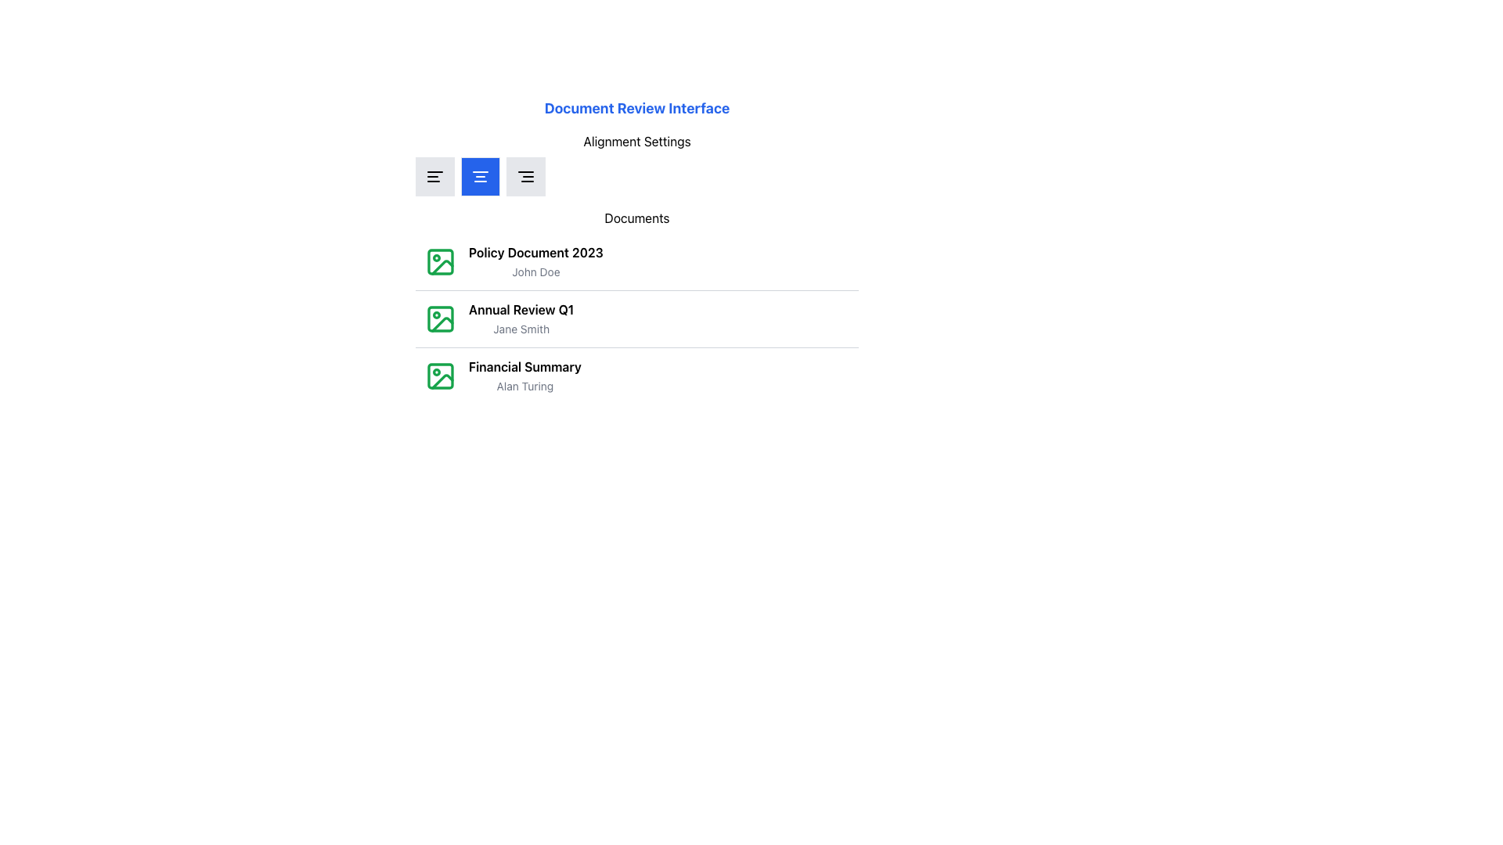  I want to click on the list entry for 'Policy Document 2023', so click(637, 261).